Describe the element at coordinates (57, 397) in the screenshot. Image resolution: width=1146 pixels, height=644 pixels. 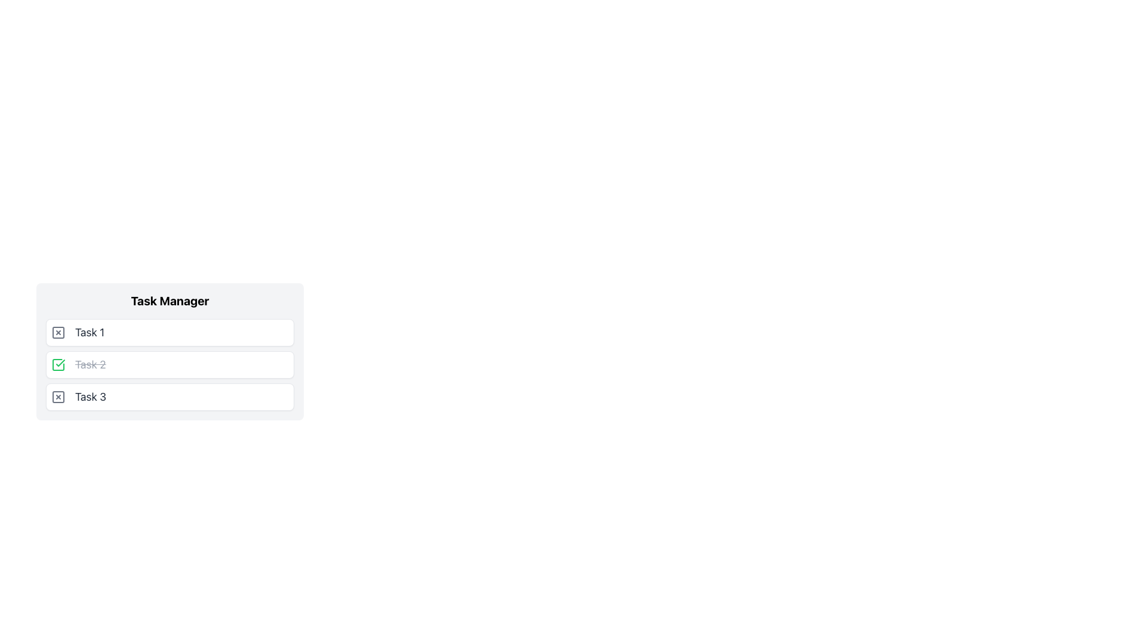
I see `the small square button with a red 'X' icon located in the third row of the task list interface, to the left of the label 'Task 3.'` at that location.